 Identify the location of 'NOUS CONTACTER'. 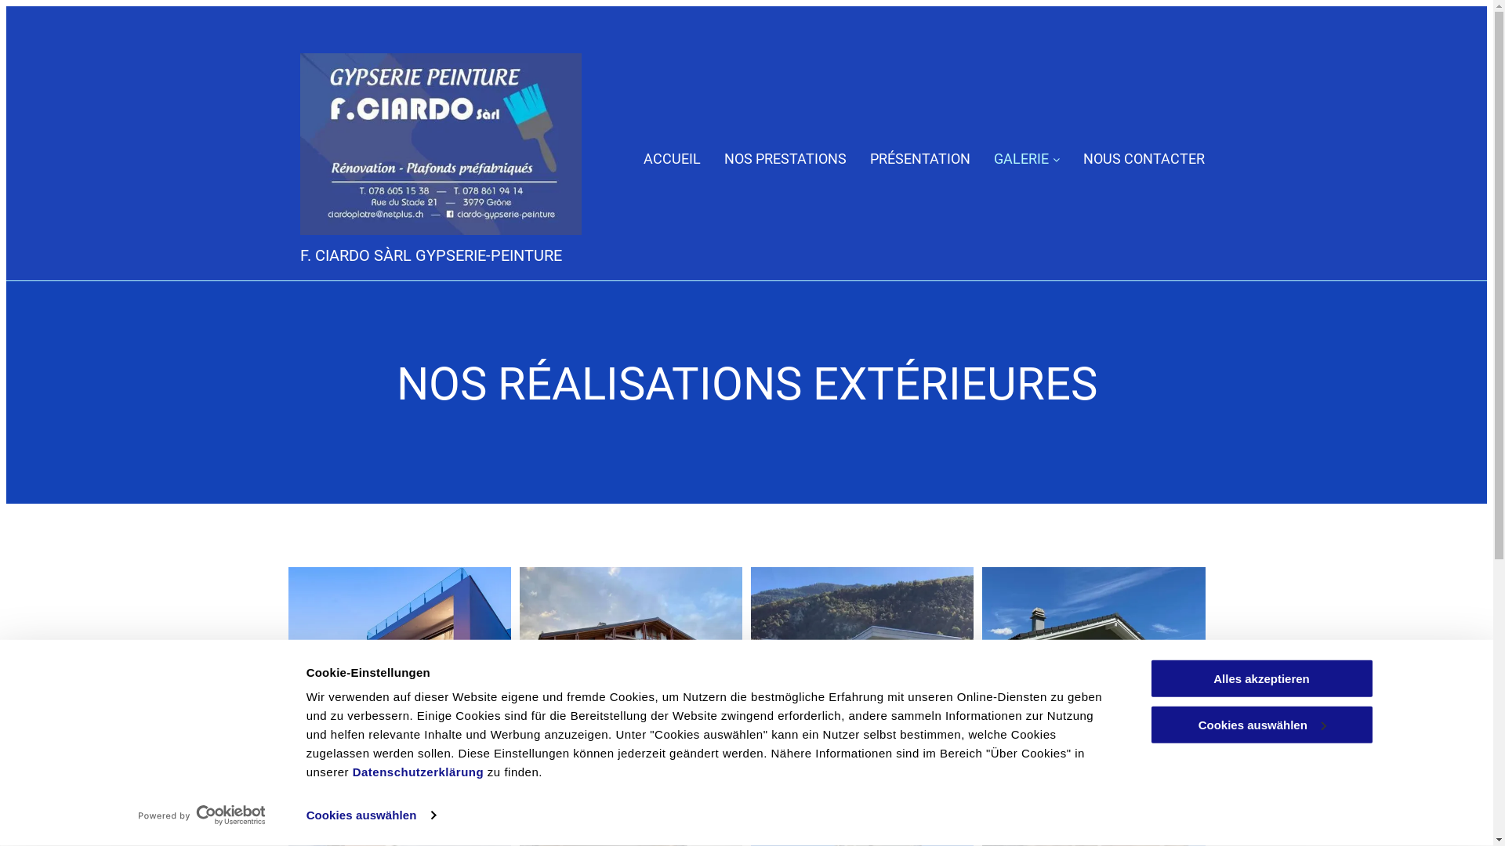
(1144, 159).